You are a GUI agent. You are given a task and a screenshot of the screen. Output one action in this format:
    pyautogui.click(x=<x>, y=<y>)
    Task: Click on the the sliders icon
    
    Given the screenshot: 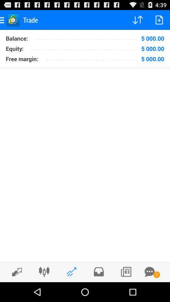 What is the action you would take?
    pyautogui.click(x=44, y=291)
    